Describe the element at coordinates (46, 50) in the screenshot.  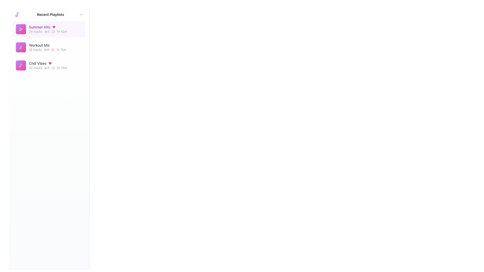
I see `the small bullet point indicator located between the '18 tracks' label and the '1h 15m' clock icon in the second playlist entry` at that location.